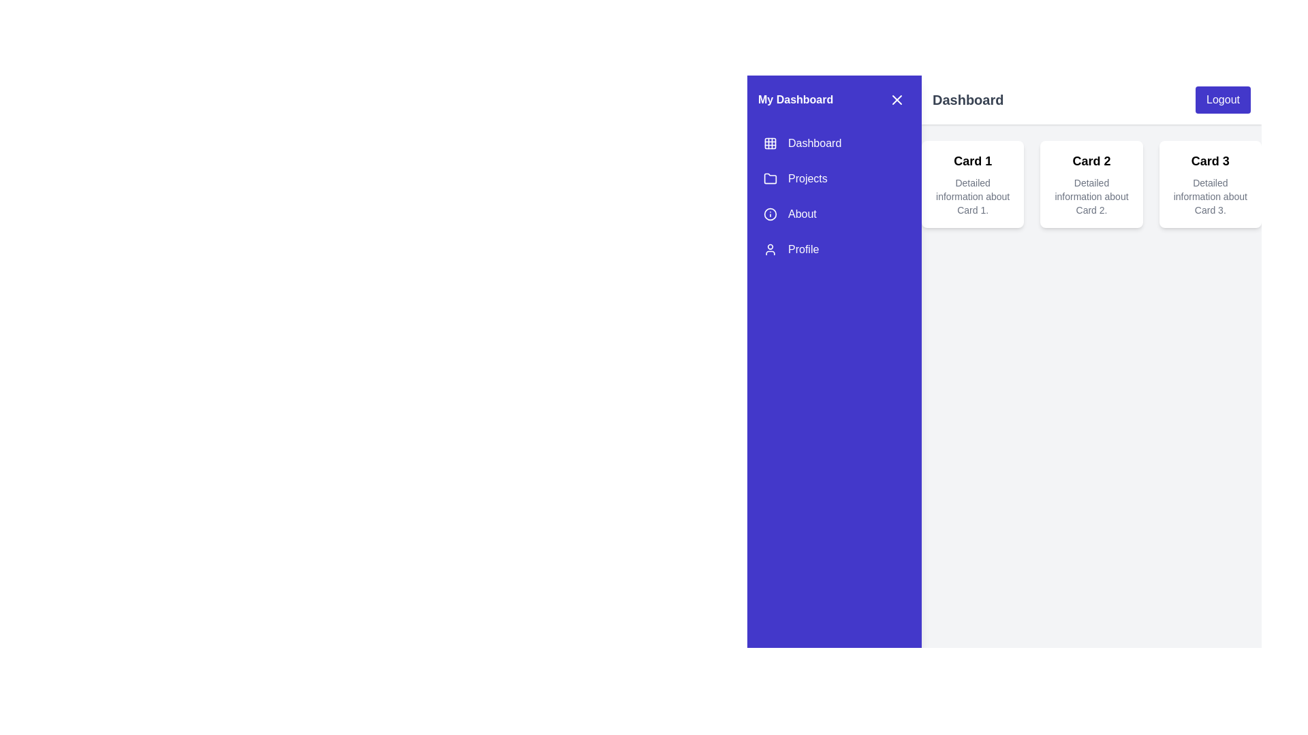 This screenshot has width=1308, height=735. Describe the element at coordinates (770, 178) in the screenshot. I see `the folder icon located in the left-side navigation panel next to the label 'Projects'` at that location.